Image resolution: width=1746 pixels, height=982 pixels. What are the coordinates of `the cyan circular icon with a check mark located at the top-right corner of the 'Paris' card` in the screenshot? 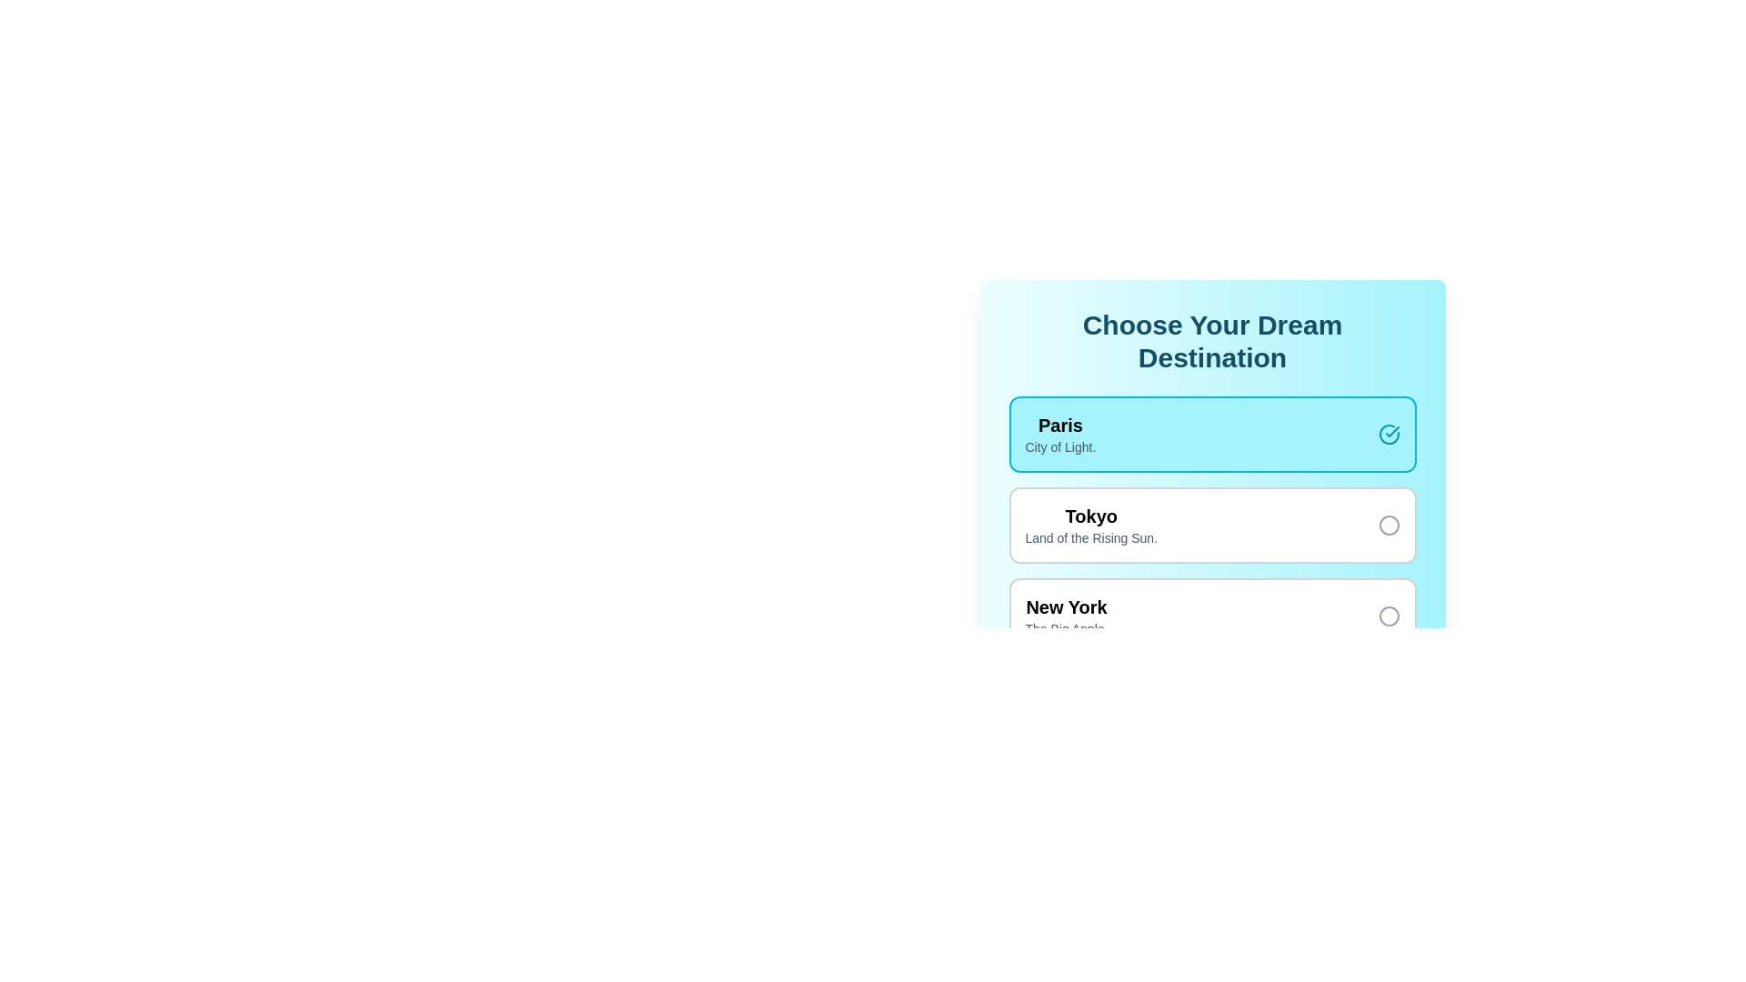 It's located at (1388, 435).